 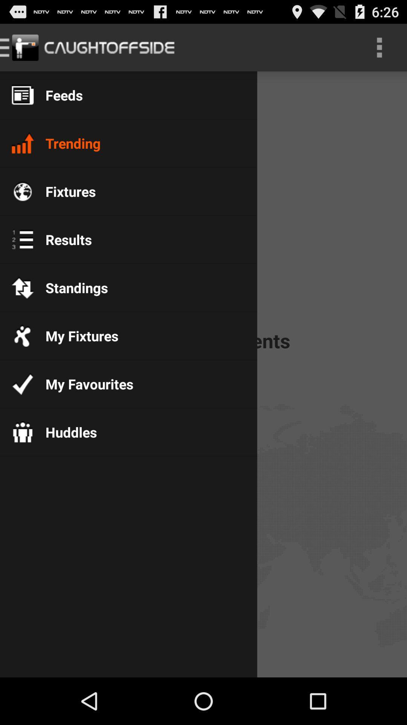 What do you see at coordinates (62, 239) in the screenshot?
I see `results app` at bounding box center [62, 239].